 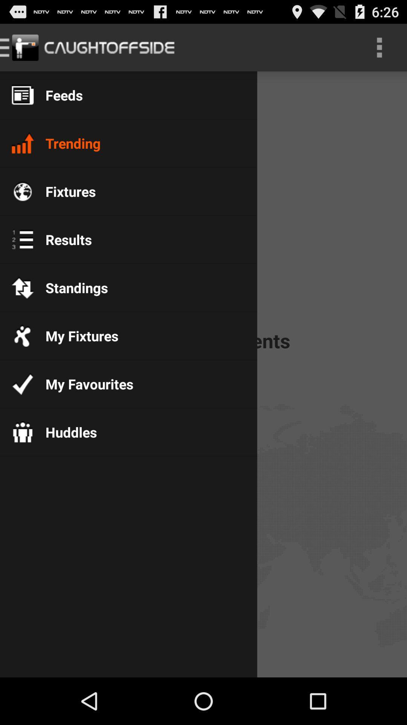 What do you see at coordinates (62, 239) in the screenshot?
I see `results app` at bounding box center [62, 239].